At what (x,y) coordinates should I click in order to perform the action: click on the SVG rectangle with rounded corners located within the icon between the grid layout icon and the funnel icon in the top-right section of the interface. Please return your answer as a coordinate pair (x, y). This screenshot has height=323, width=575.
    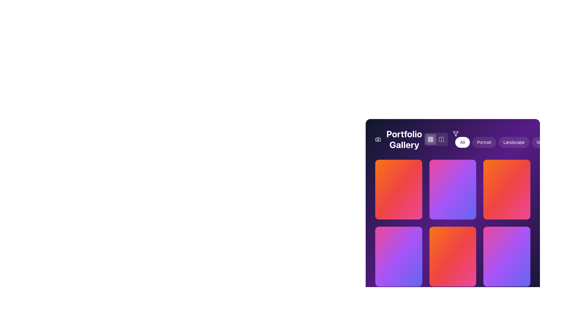
    Looking at the image, I should click on (441, 139).